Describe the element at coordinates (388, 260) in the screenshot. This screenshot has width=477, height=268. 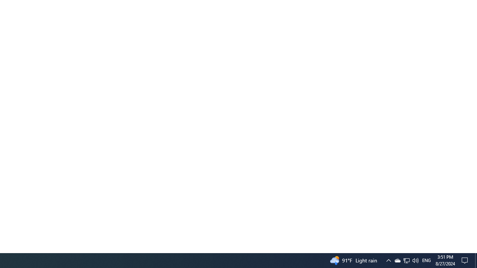
I see `'Notification Chevron'` at that location.